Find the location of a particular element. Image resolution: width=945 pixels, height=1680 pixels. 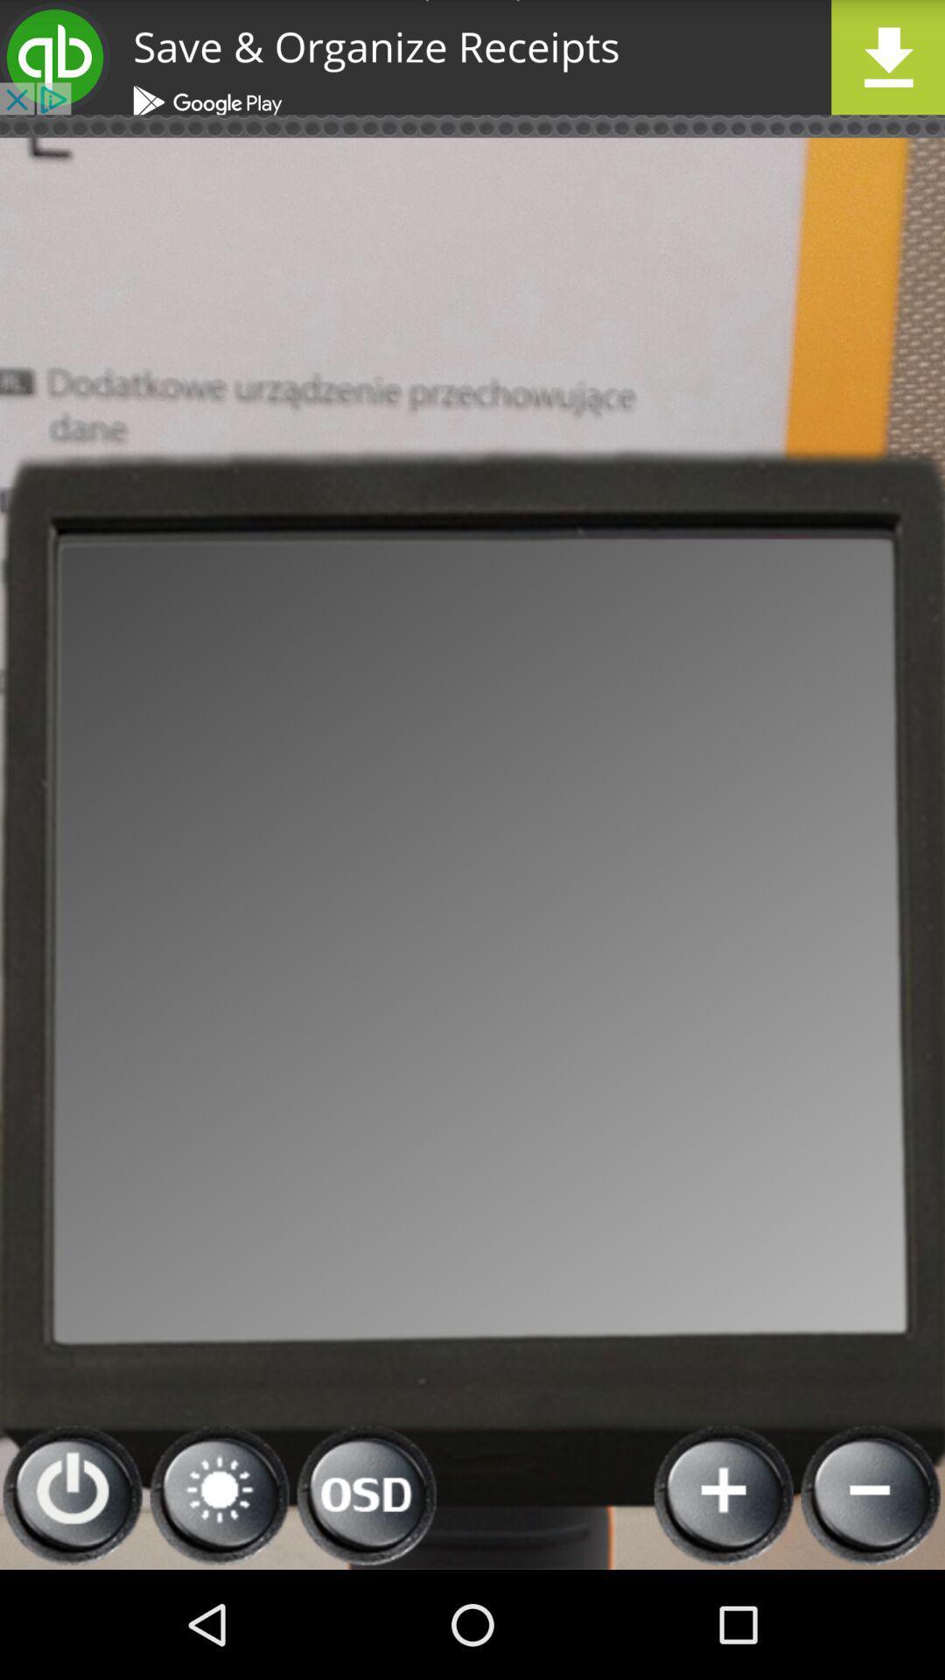

valum button is located at coordinates (219, 1494).